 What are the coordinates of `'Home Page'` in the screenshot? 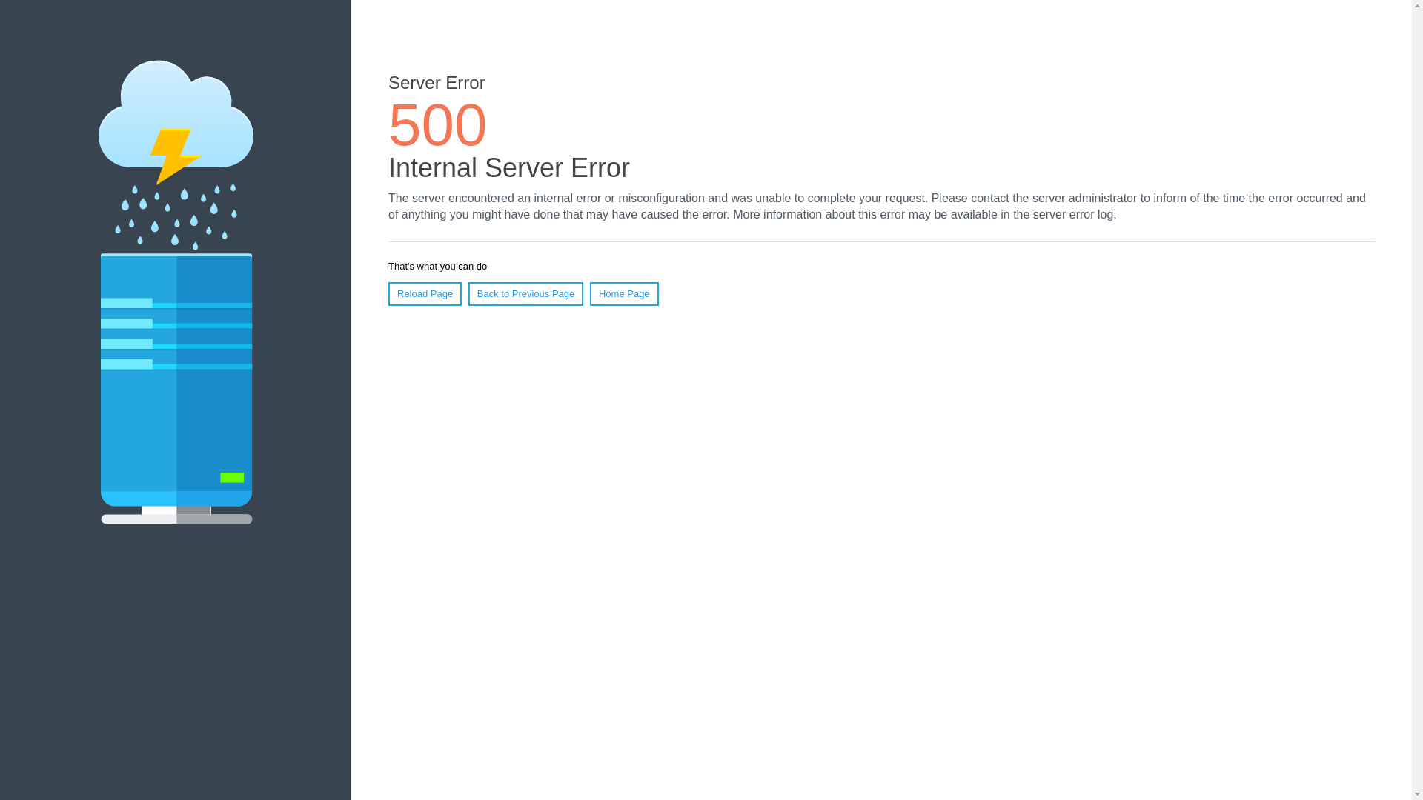 It's located at (624, 294).